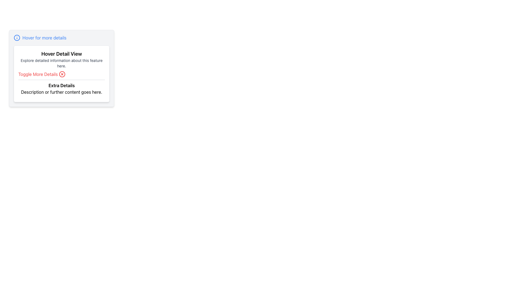 This screenshot has height=296, width=526. I want to click on the label that reads 'Hover for more details', which is styled in blue and positioned next to a circular information icon, so click(62, 38).